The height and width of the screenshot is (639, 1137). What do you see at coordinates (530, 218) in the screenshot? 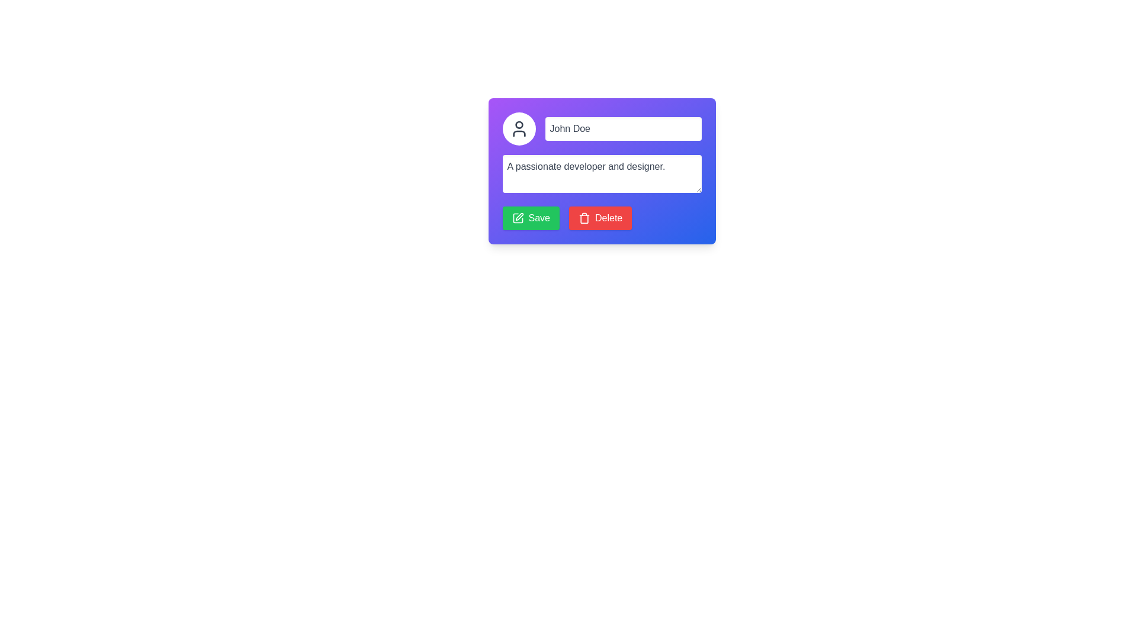
I see `the green 'Save' button with rounded corners and a pen icon` at bounding box center [530, 218].